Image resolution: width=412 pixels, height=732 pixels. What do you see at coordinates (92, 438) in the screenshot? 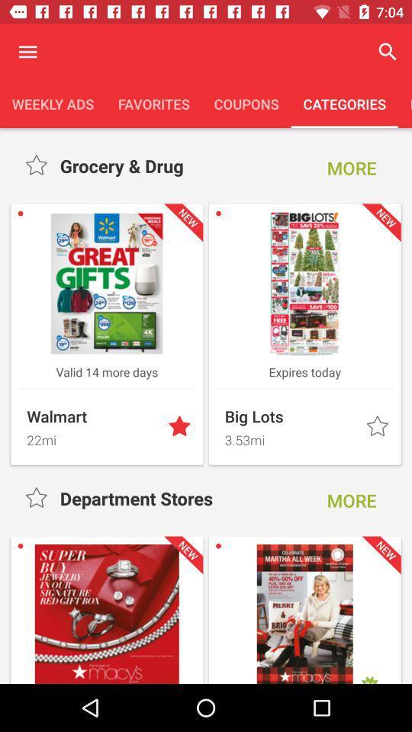
I see `the icon below walmart` at bounding box center [92, 438].